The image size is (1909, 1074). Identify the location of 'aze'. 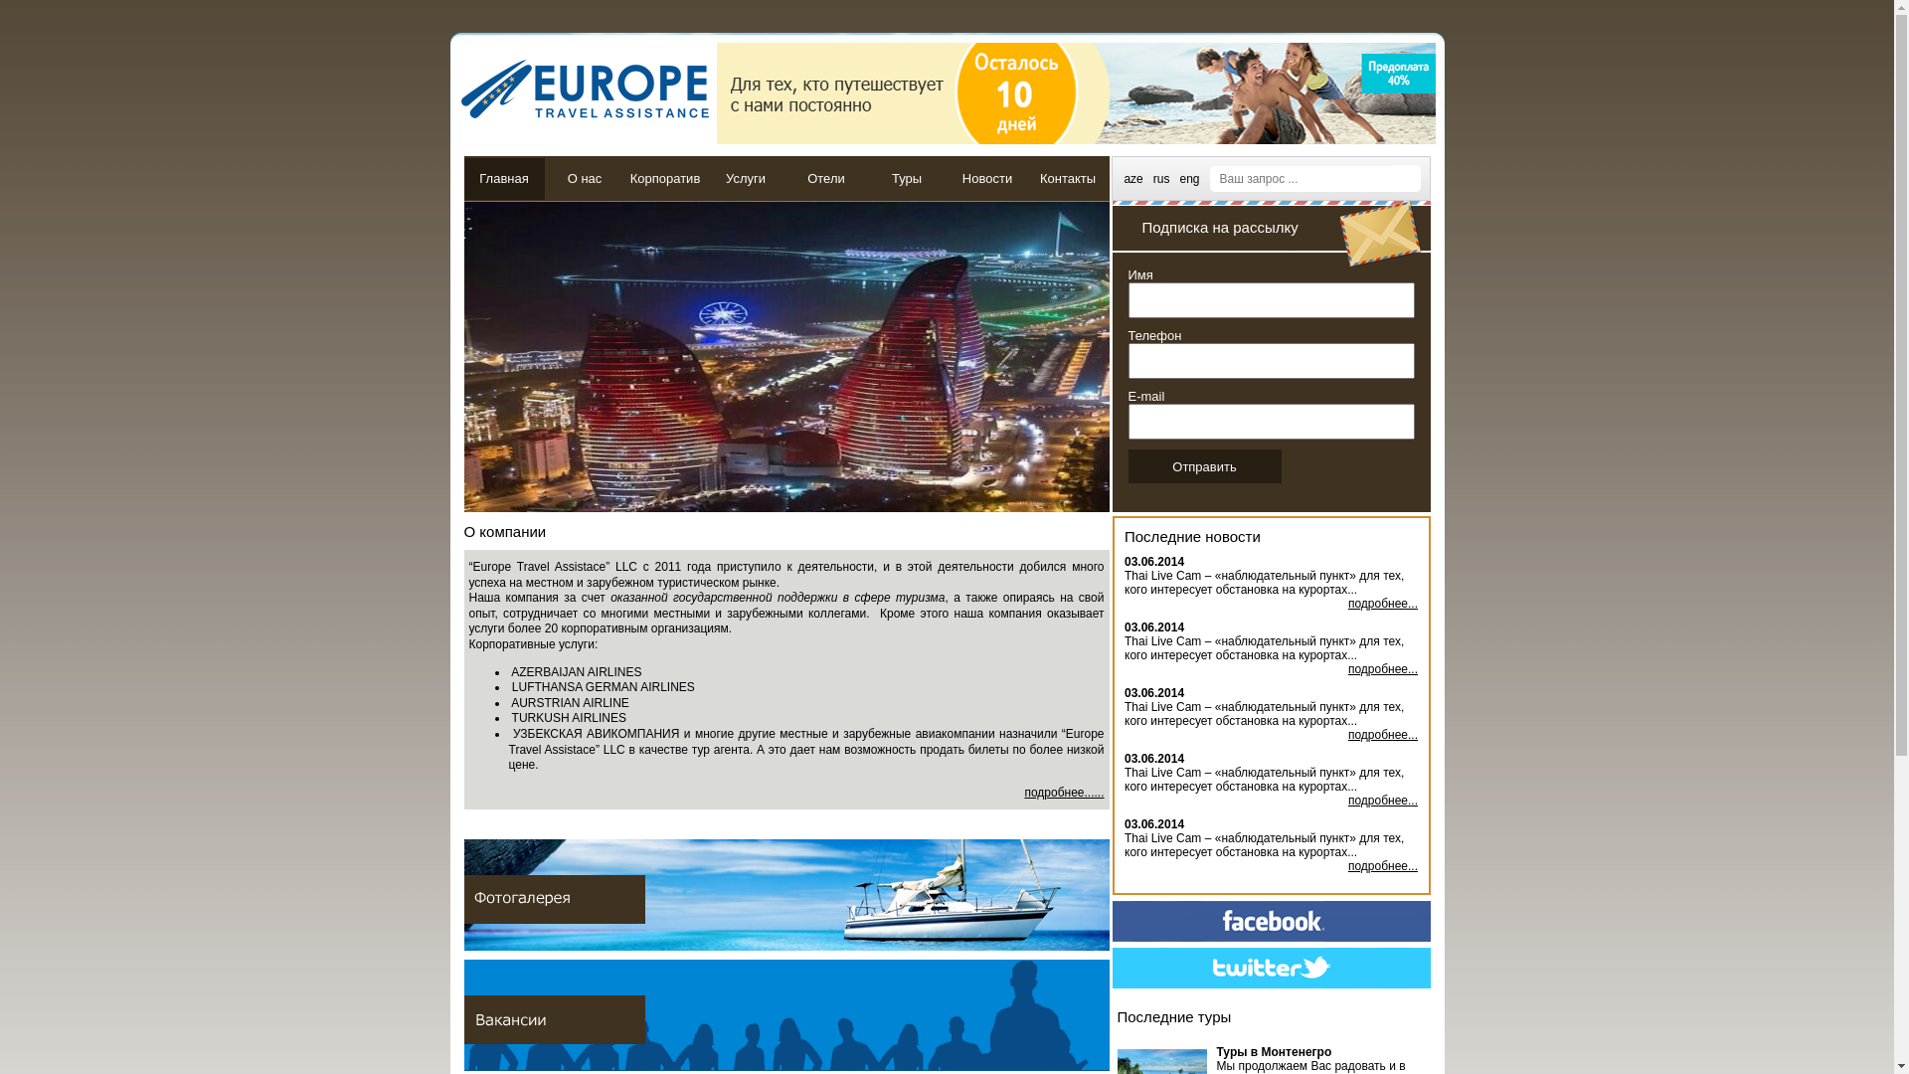
(1123, 176).